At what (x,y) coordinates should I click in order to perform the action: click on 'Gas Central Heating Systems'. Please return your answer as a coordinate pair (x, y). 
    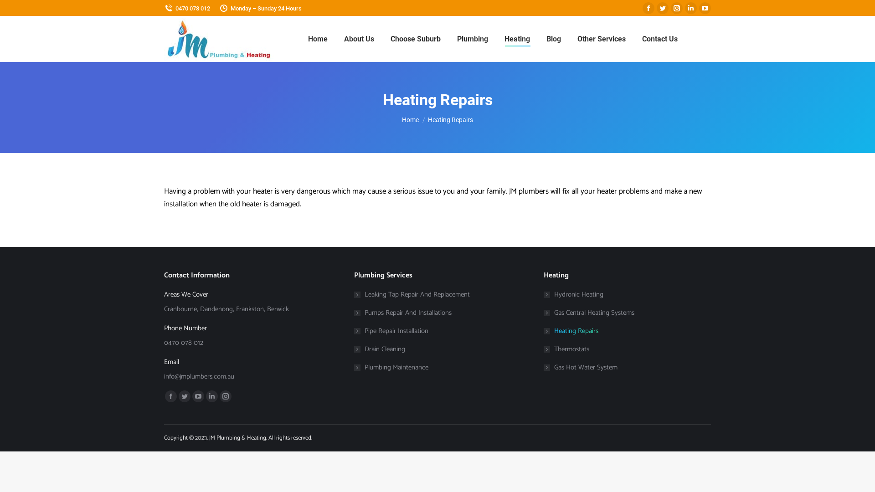
    Looking at the image, I should click on (544, 312).